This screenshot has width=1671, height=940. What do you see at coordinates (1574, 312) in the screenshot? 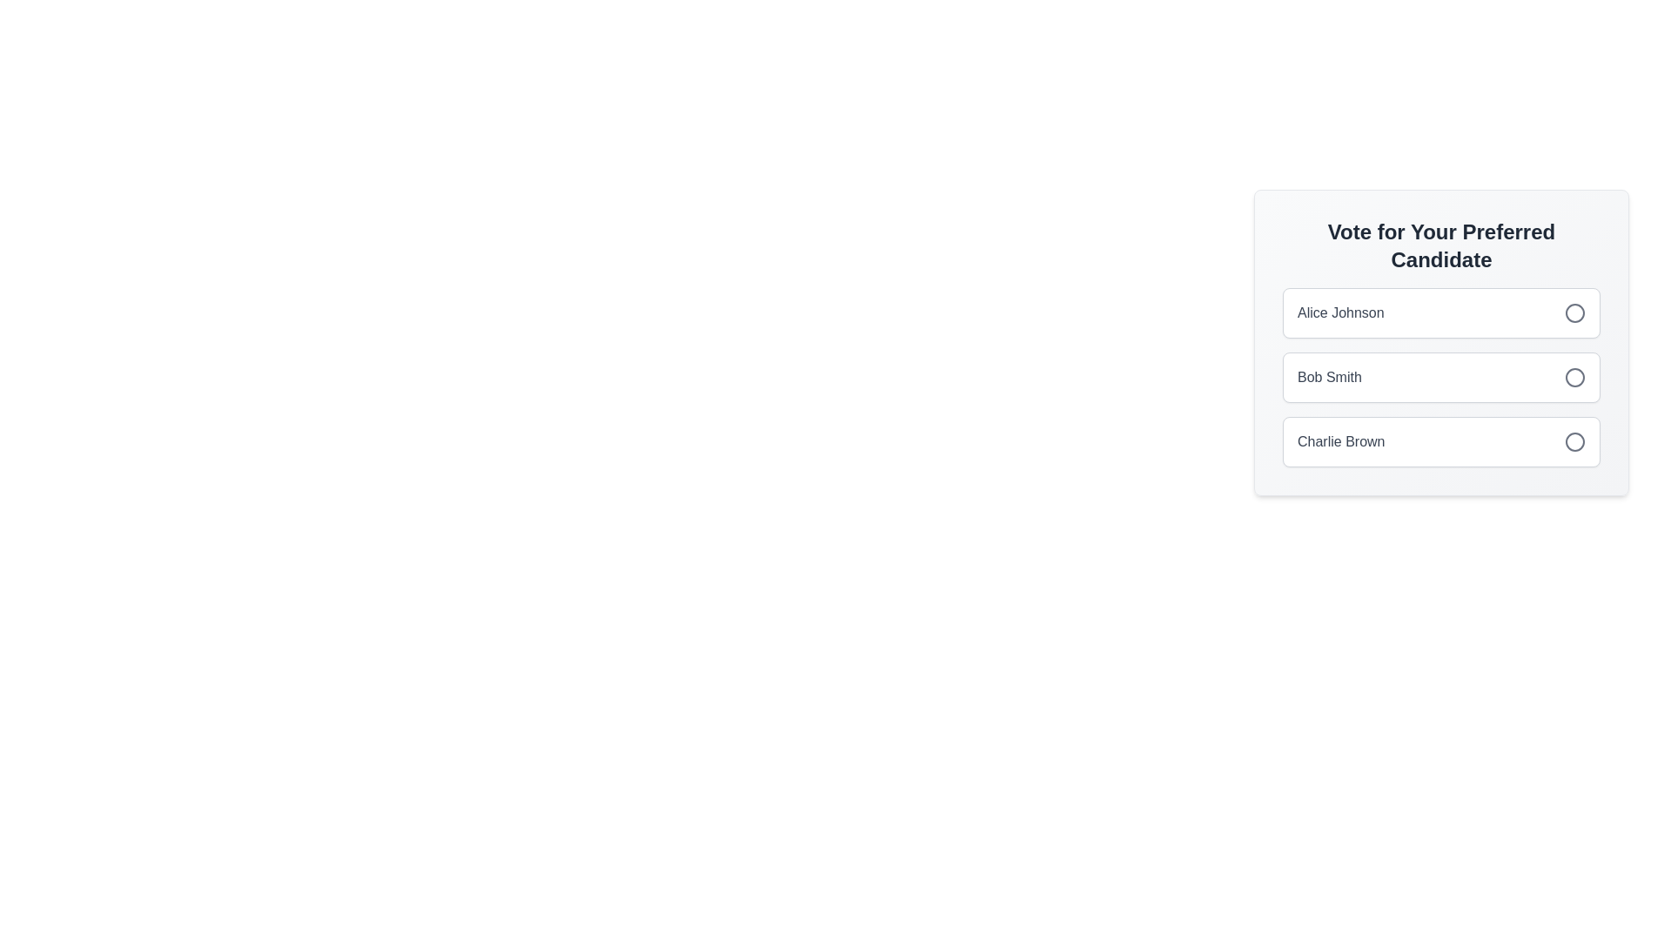
I see `the radio button located to the right of the text 'Alice Johnson'` at bounding box center [1574, 312].